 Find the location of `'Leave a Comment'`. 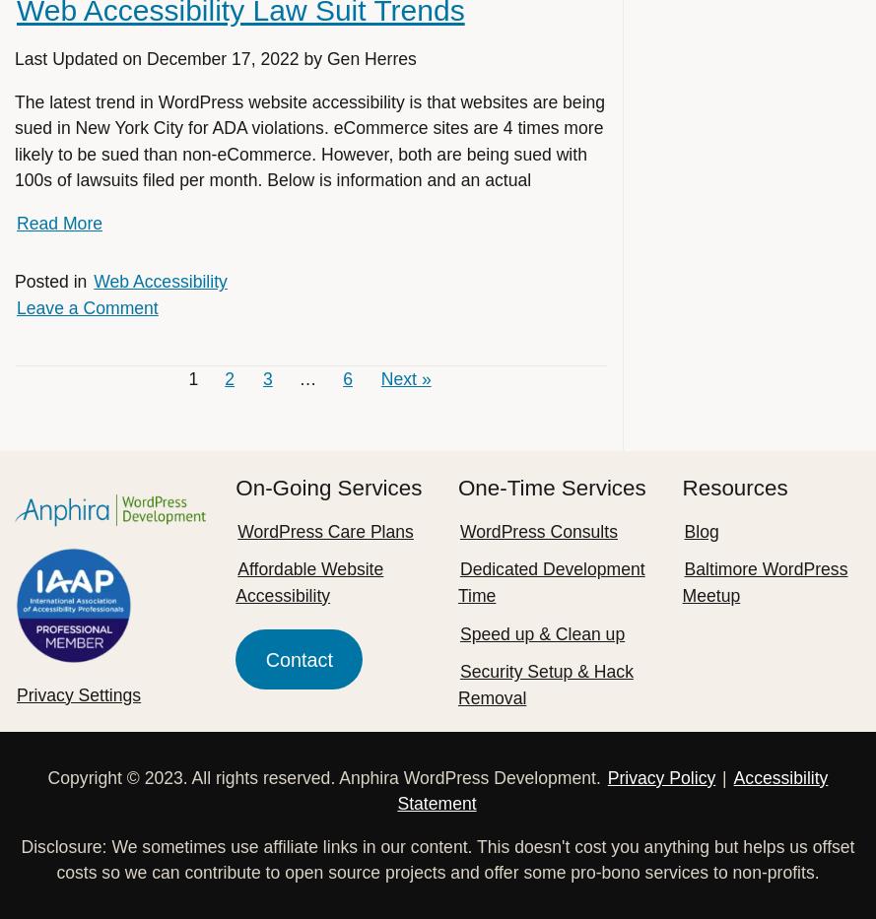

'Leave a Comment' is located at coordinates (86, 306).